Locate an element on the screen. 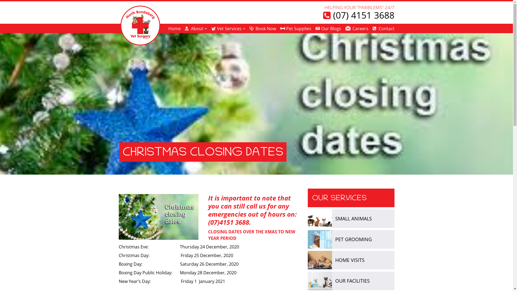 The width and height of the screenshot is (517, 291). 'SMALL ANIMALS' is located at coordinates (354, 218).